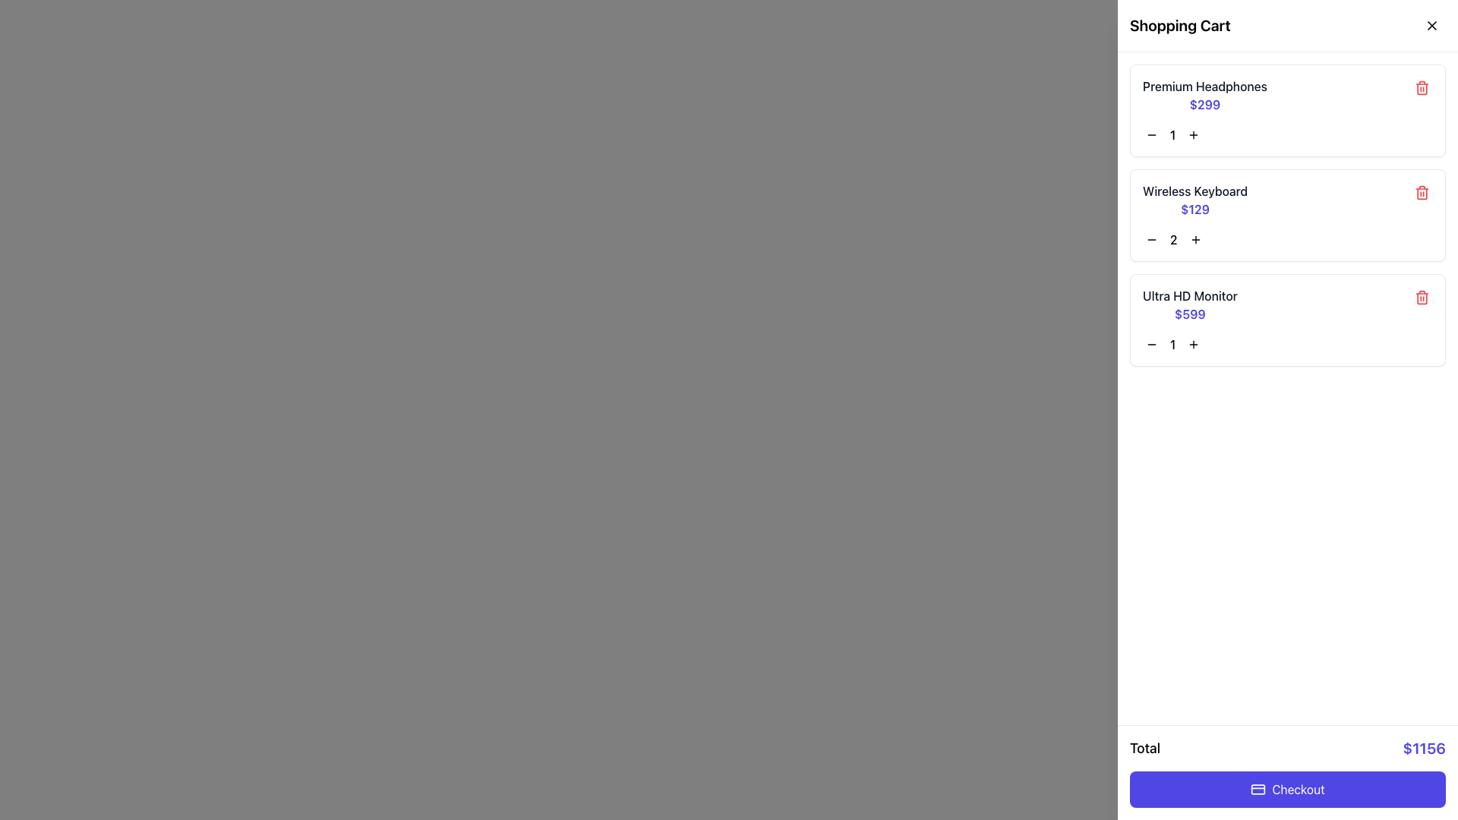 This screenshot has width=1458, height=820. What do you see at coordinates (1421, 87) in the screenshot?
I see `the red trash can icon button located at the top-right corner of the card displaying 'Premium Headphones'` at bounding box center [1421, 87].